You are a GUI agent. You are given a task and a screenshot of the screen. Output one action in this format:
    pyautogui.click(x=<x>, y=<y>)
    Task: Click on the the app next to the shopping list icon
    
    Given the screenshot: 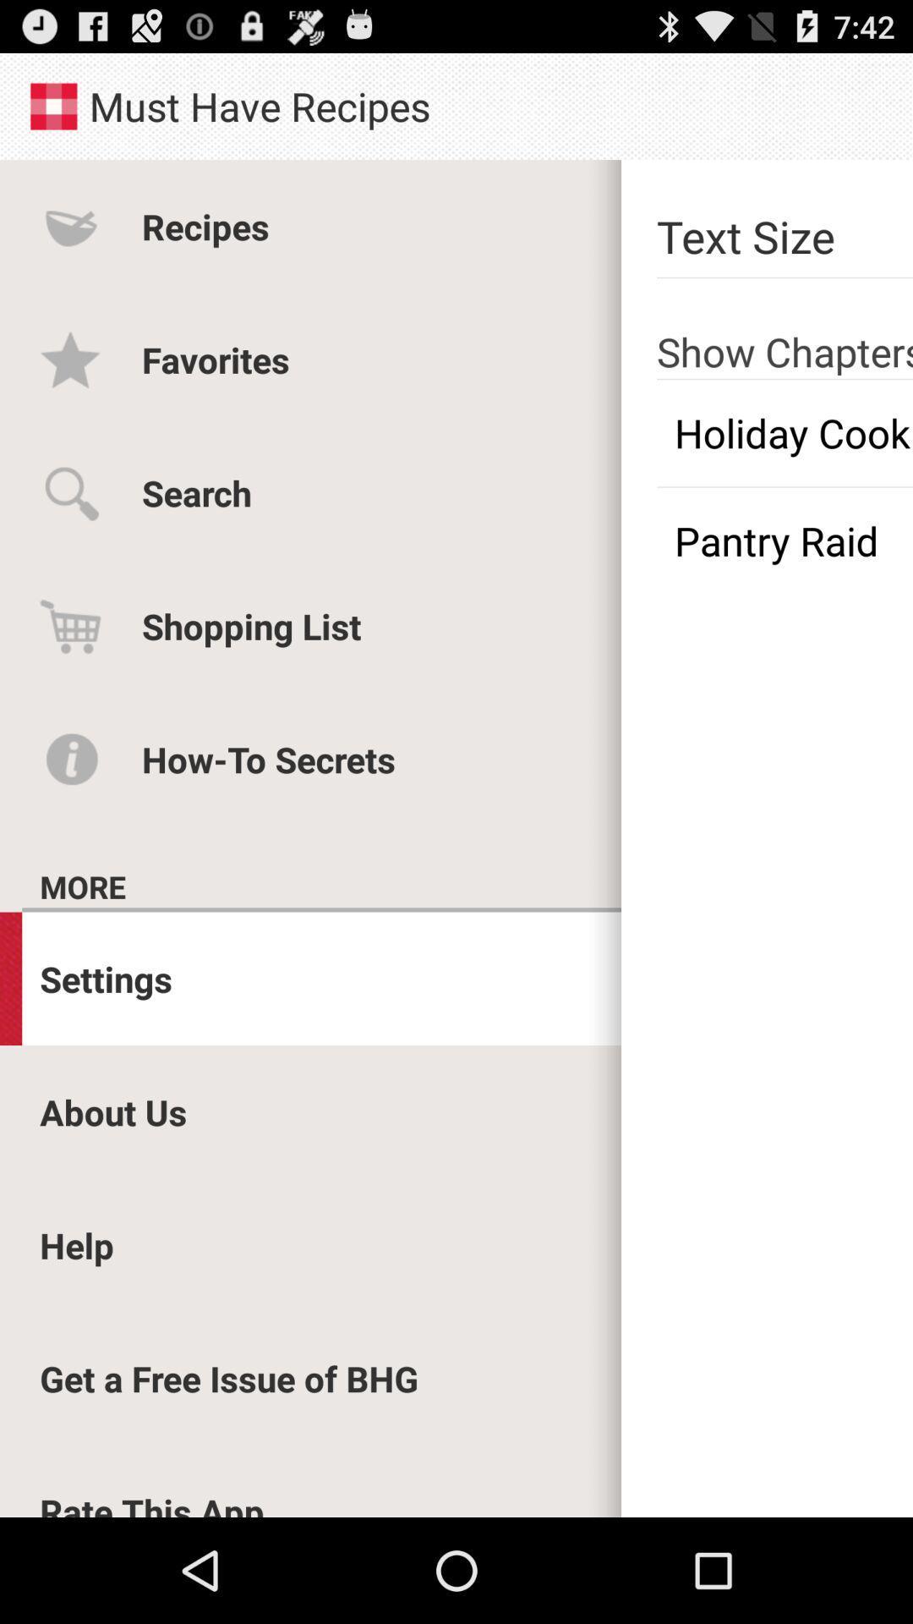 What is the action you would take?
    pyautogui.click(x=785, y=540)
    